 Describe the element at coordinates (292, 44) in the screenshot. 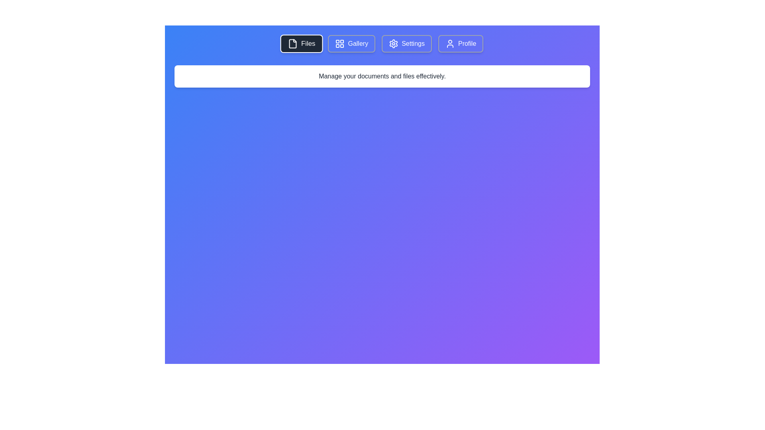

I see `the 'Files' icon located in the top-left segment of the interface` at that location.